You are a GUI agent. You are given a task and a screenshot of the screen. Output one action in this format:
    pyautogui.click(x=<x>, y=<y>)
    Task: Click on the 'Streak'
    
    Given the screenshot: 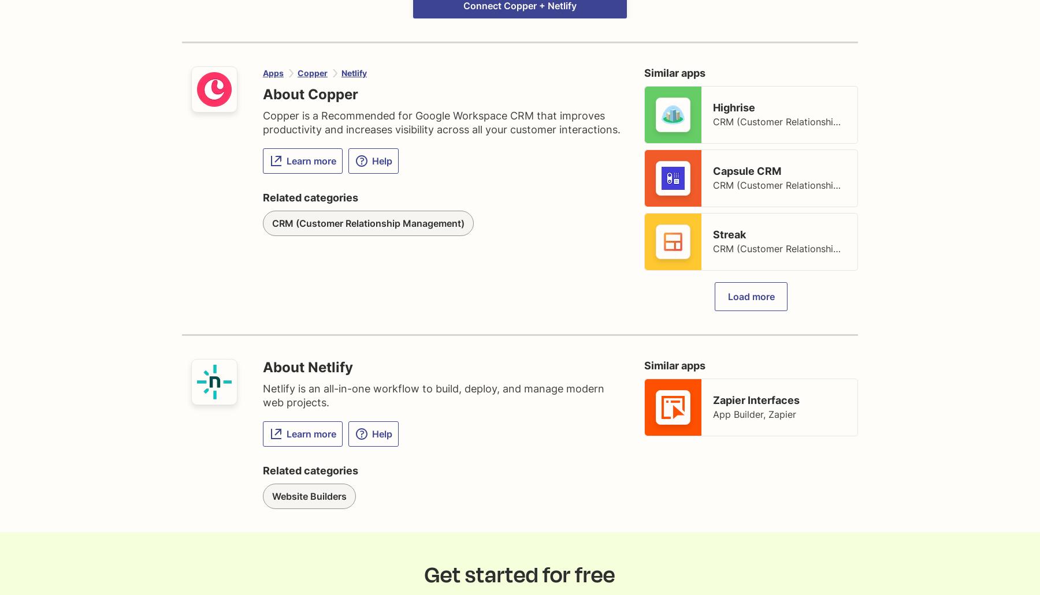 What is the action you would take?
    pyautogui.click(x=729, y=234)
    